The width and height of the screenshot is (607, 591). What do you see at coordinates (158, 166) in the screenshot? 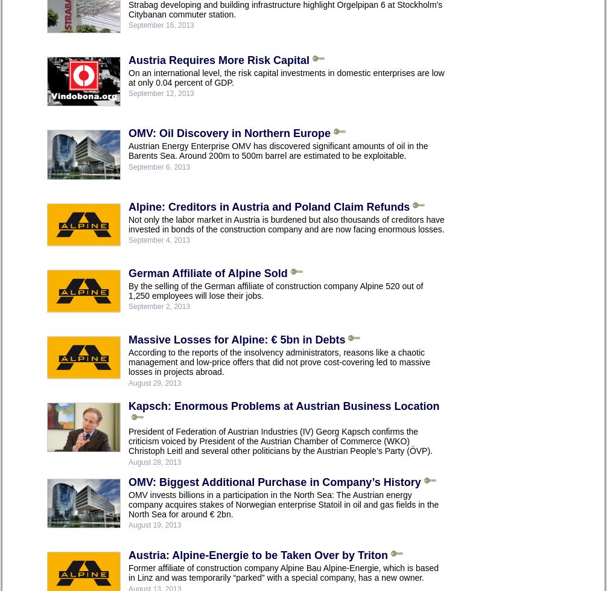
I see `'September 6, 2013'` at bounding box center [158, 166].